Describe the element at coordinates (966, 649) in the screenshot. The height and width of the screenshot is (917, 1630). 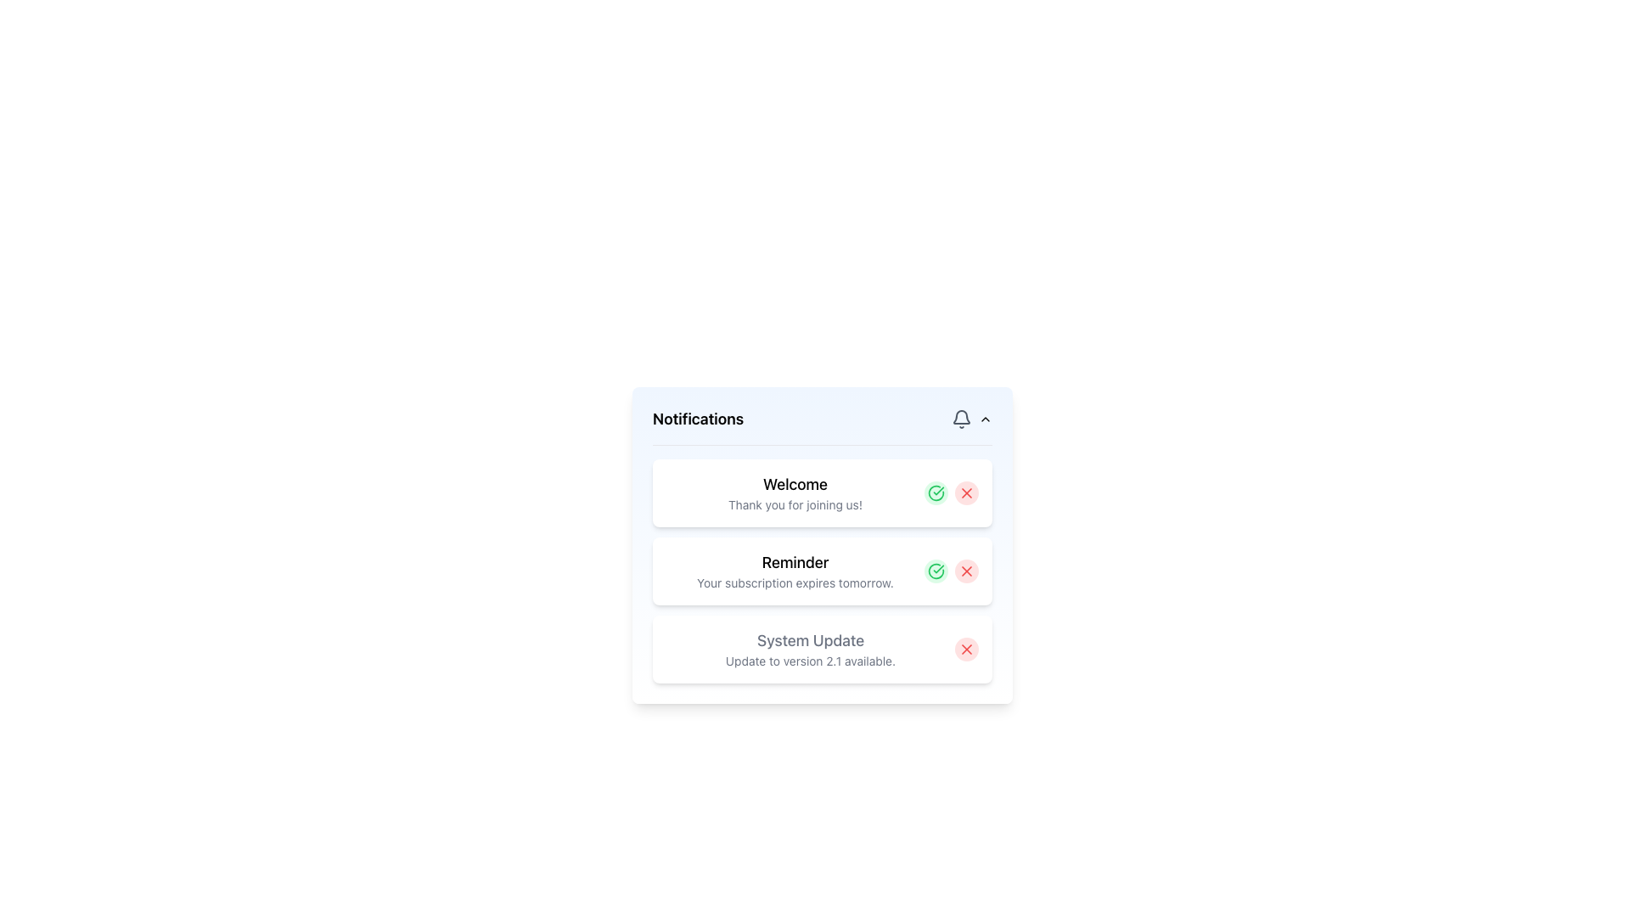
I see `the circular red button with a white X icon that signifies a close or cancel action, located in the bottom-right corner of the 'System Update' notification card` at that location.